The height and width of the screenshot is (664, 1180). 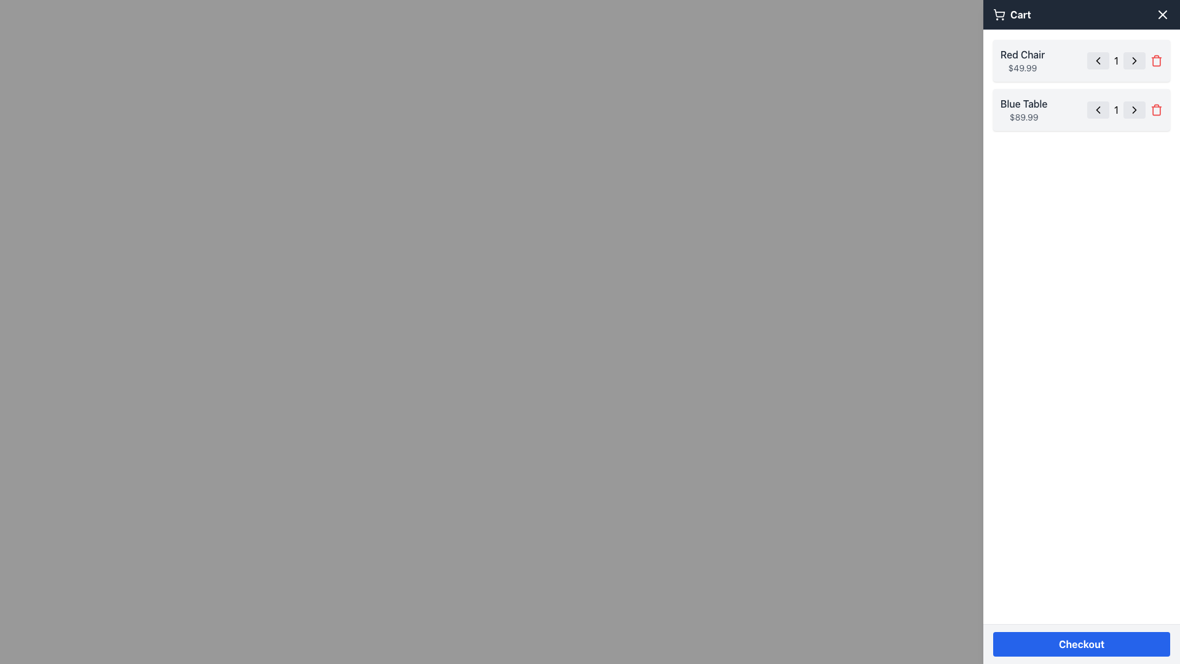 I want to click on the button located in the top-right corner of the cart panel header, so click(x=1162, y=14).